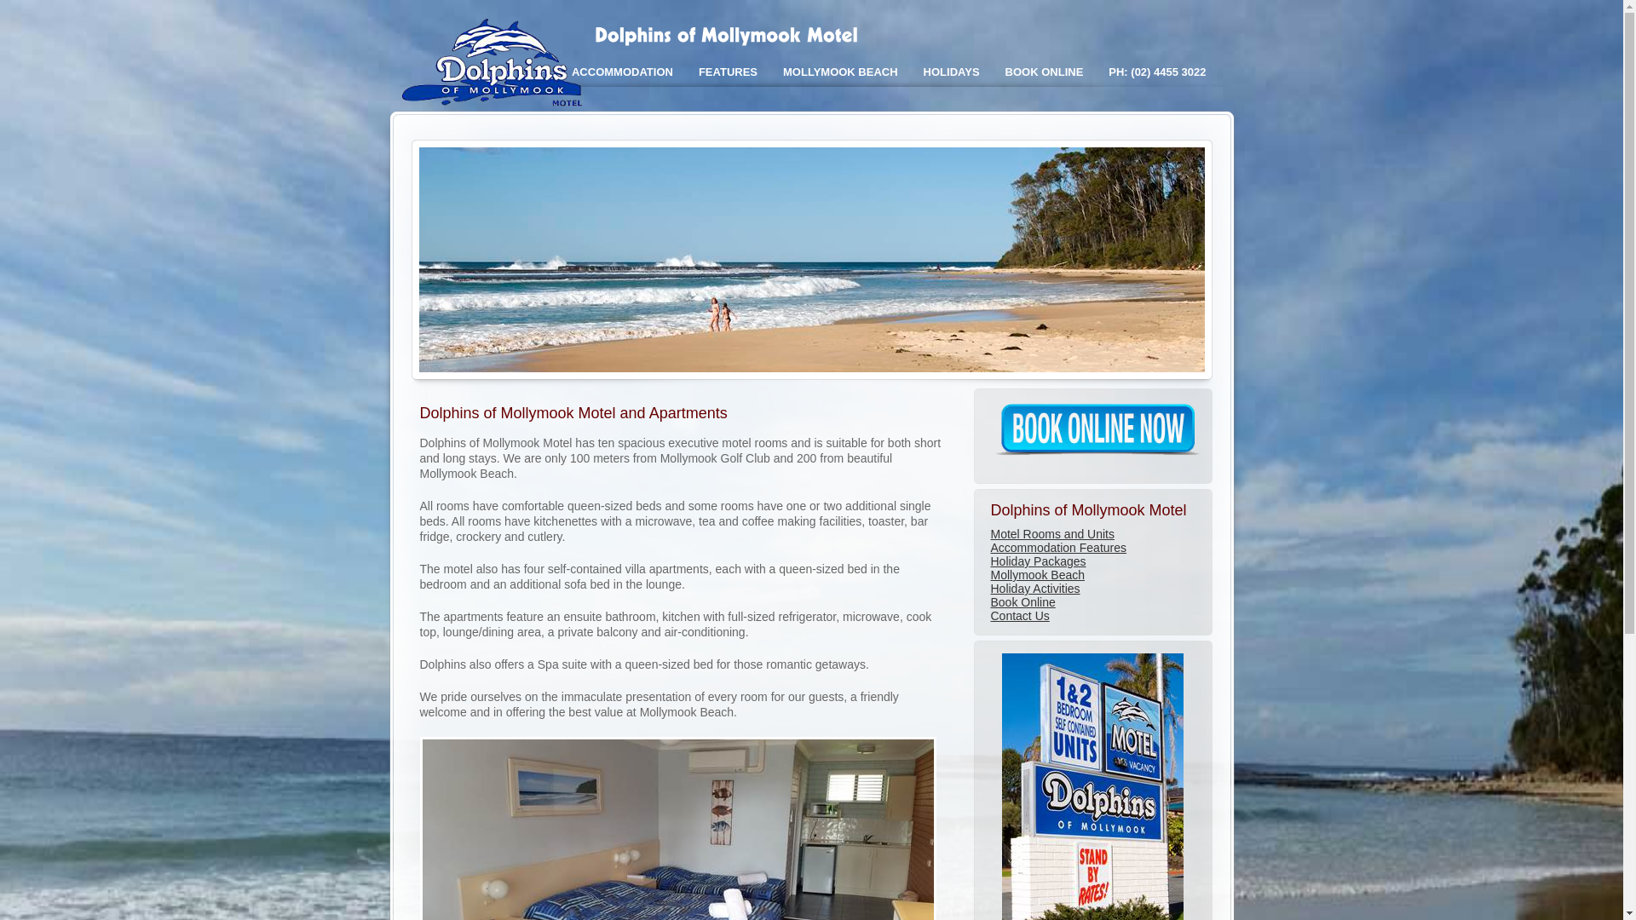 The height and width of the screenshot is (920, 1636). What do you see at coordinates (728, 71) in the screenshot?
I see `'FEATURES'` at bounding box center [728, 71].